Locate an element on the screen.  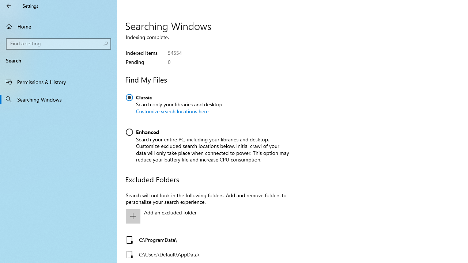
'Search box, Find a setting' is located at coordinates (58, 43).